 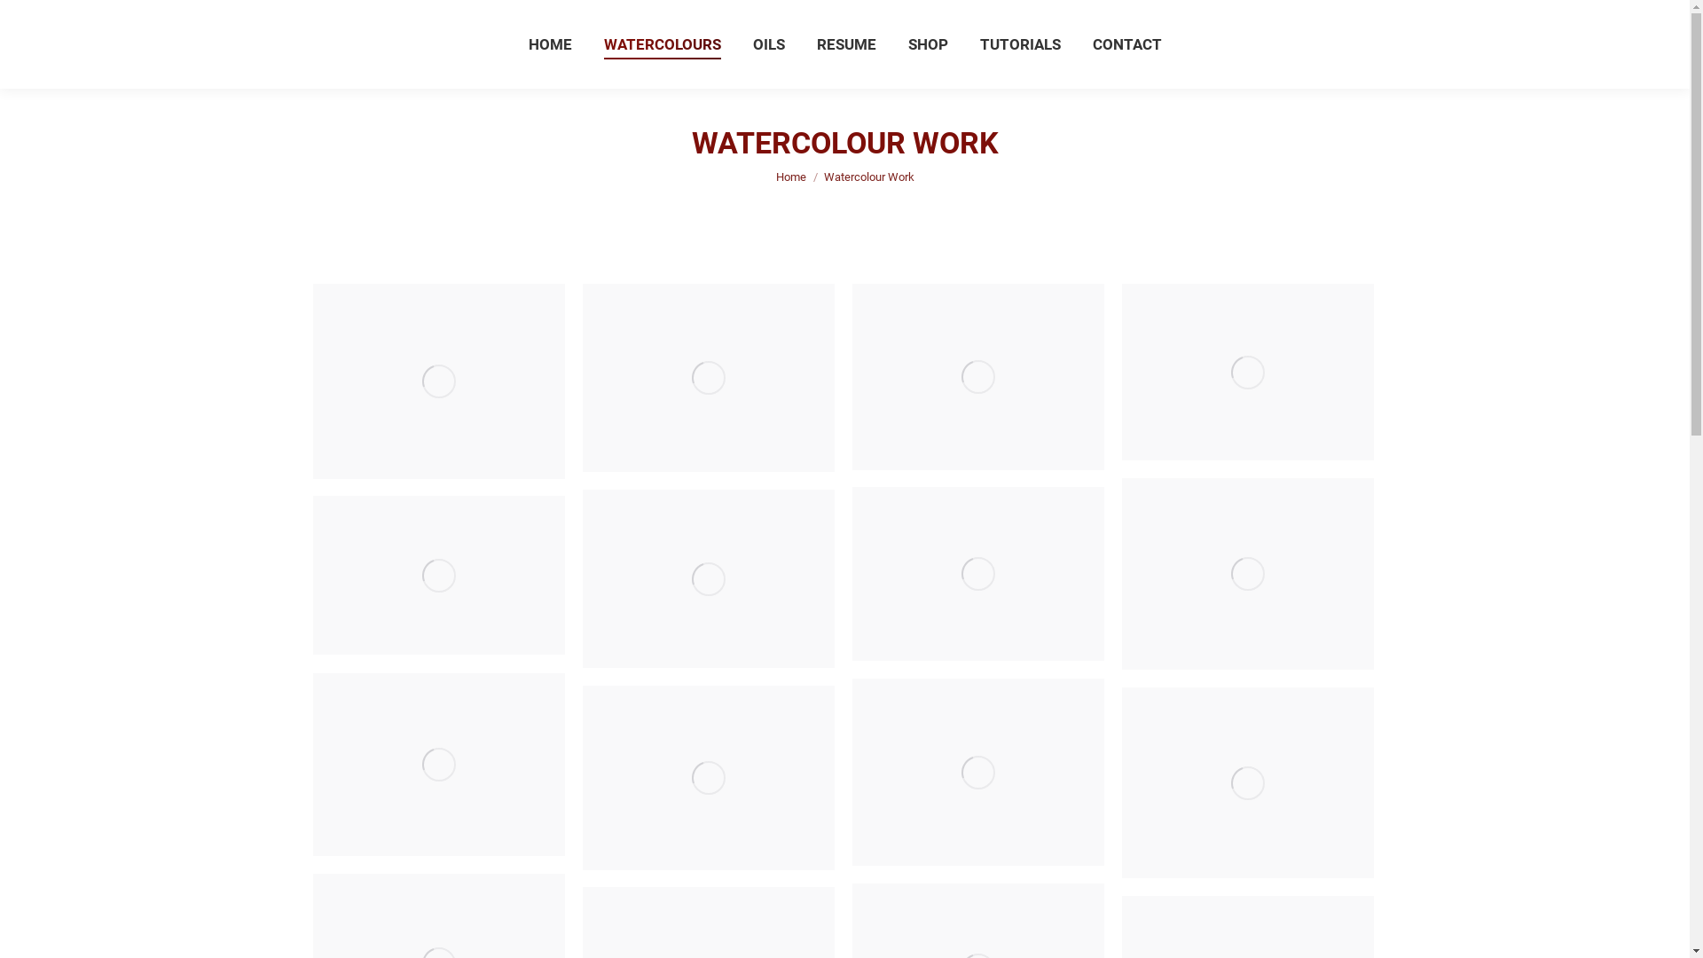 I want to click on 'OILS', so click(x=749, y=43).